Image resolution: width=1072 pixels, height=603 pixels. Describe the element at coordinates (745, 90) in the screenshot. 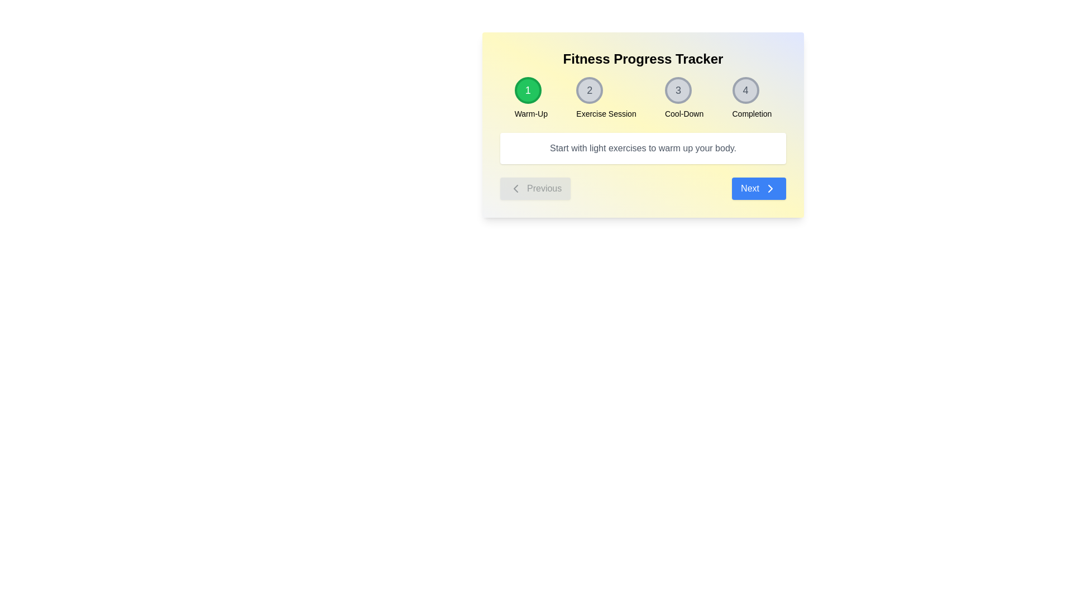

I see `the circular button labeled 'Completion' that displays the number '4'` at that location.